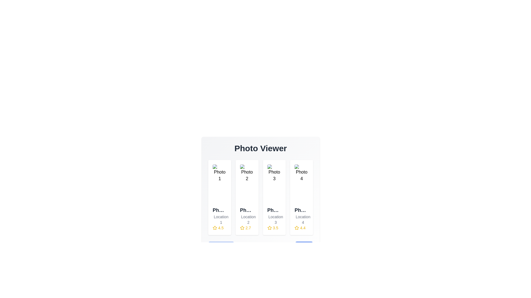  Describe the element at coordinates (247, 210) in the screenshot. I see `the Text Label that serves as a title for 'Photo 2'` at that location.